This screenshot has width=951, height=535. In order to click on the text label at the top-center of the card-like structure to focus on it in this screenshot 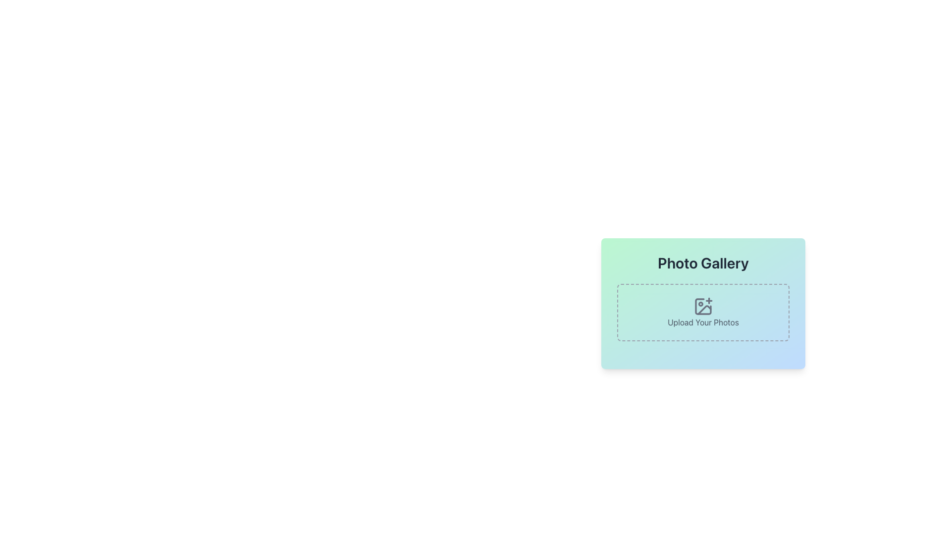, I will do `click(703, 263)`.